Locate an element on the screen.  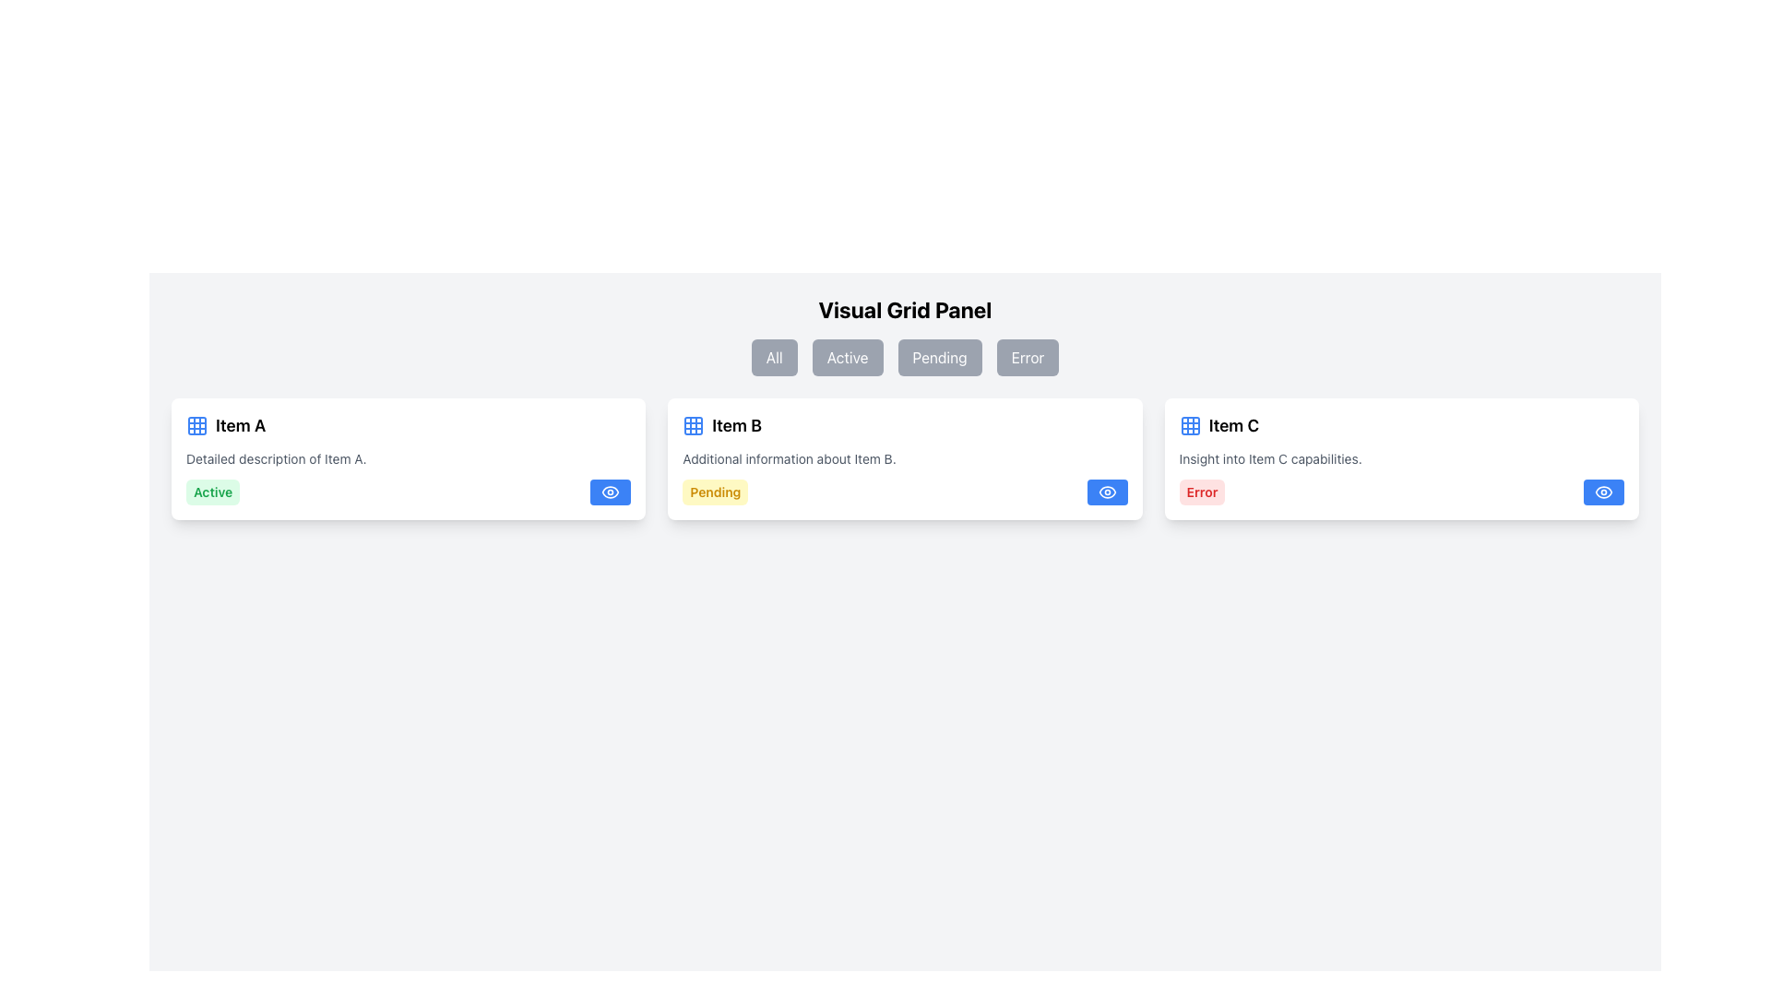
the Icon button located in the bottom-right corner of the card labeled 'Item C' in the 'Visual Grid Panel' is located at coordinates (1602, 491).